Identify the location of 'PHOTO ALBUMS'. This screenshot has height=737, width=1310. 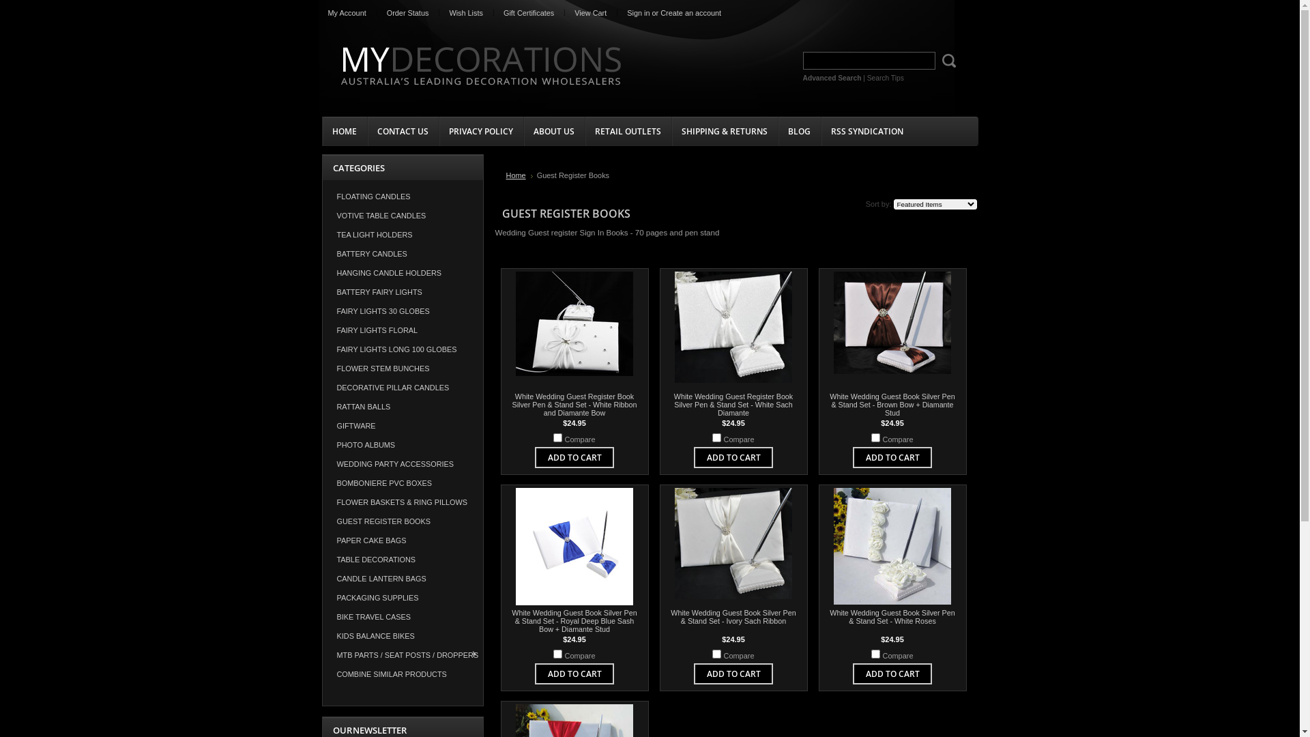
(402, 444).